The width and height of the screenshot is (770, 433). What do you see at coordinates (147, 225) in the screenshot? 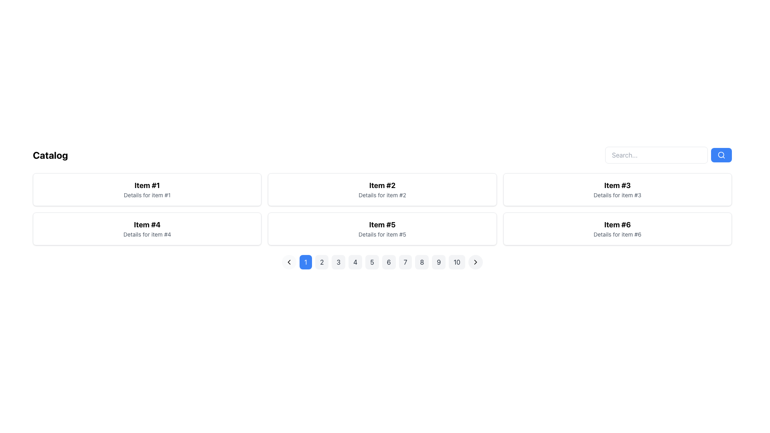
I see `the Text label, which serves as the title or identifier for the item and is positioned above the text 'Details for item #4'` at bounding box center [147, 225].